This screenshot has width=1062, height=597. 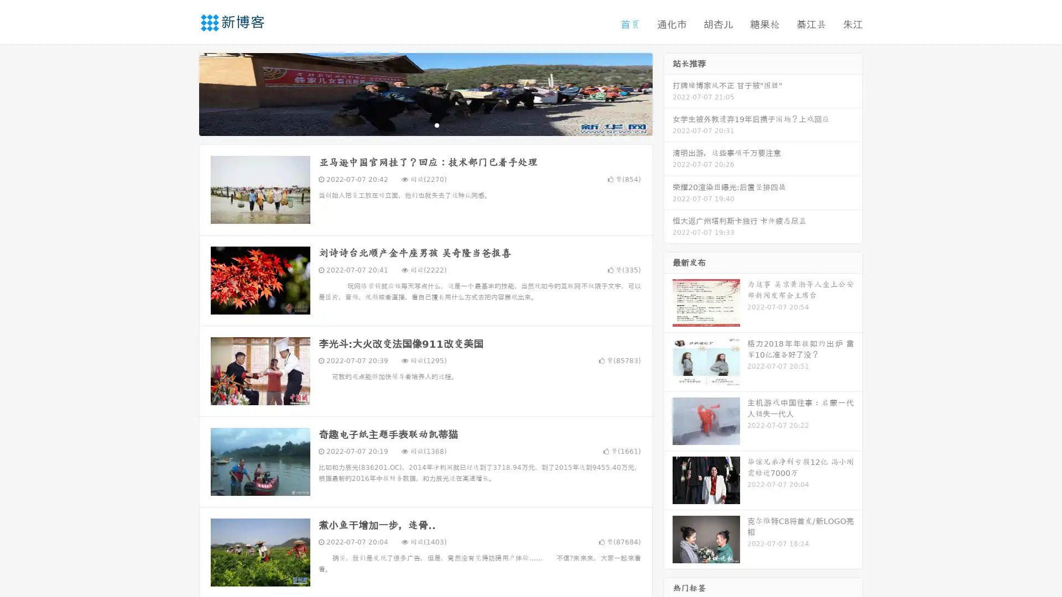 What do you see at coordinates (668, 93) in the screenshot?
I see `Next slide` at bounding box center [668, 93].